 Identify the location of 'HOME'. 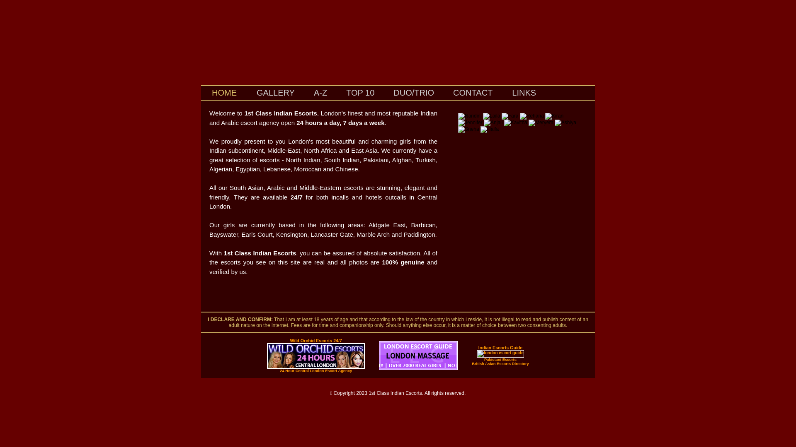
(224, 92).